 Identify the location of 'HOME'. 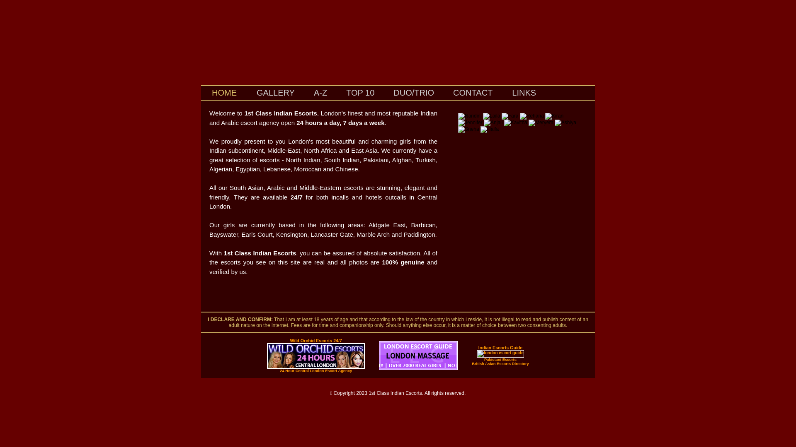
(224, 92).